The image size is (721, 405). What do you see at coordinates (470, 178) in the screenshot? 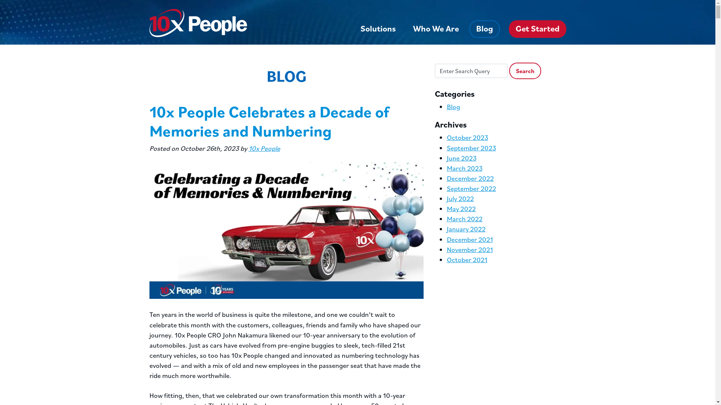
I see `'December 2022'` at bounding box center [470, 178].